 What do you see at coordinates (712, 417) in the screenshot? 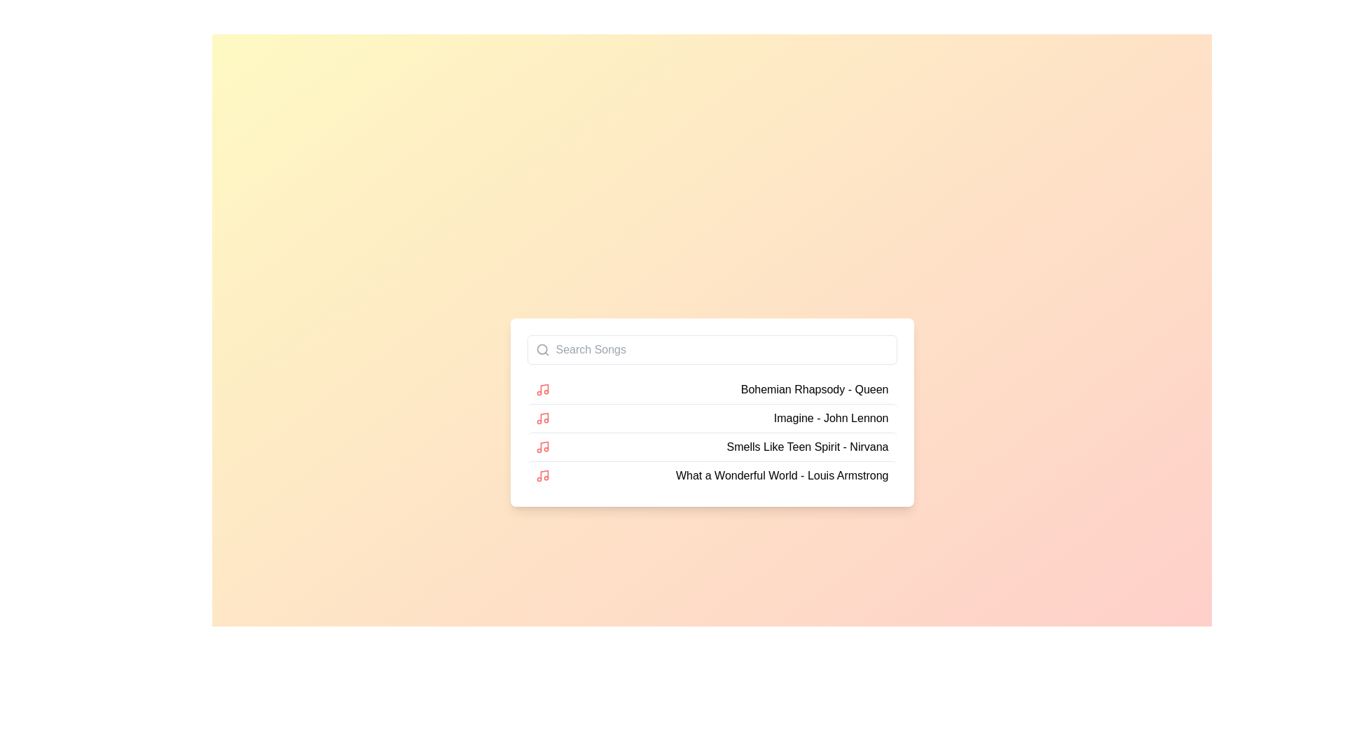
I see `the selectable list item for the song 'Imagine - John Lennon', which is the second row in the song list, to activate the hover effect` at bounding box center [712, 417].